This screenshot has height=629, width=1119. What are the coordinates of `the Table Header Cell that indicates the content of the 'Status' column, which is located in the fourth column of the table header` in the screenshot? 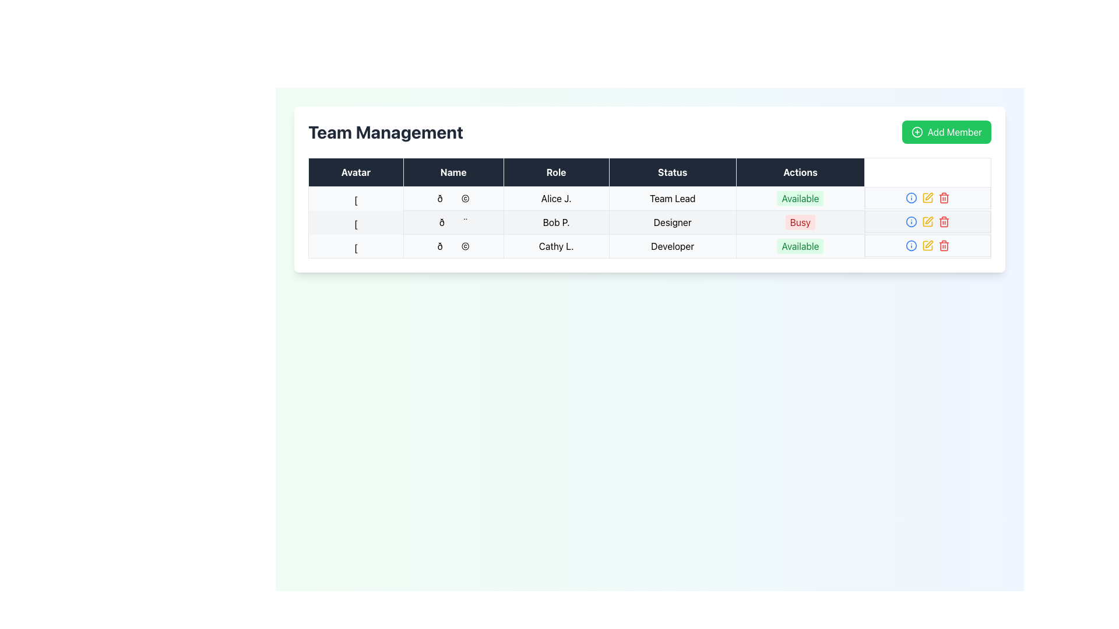 It's located at (673, 172).